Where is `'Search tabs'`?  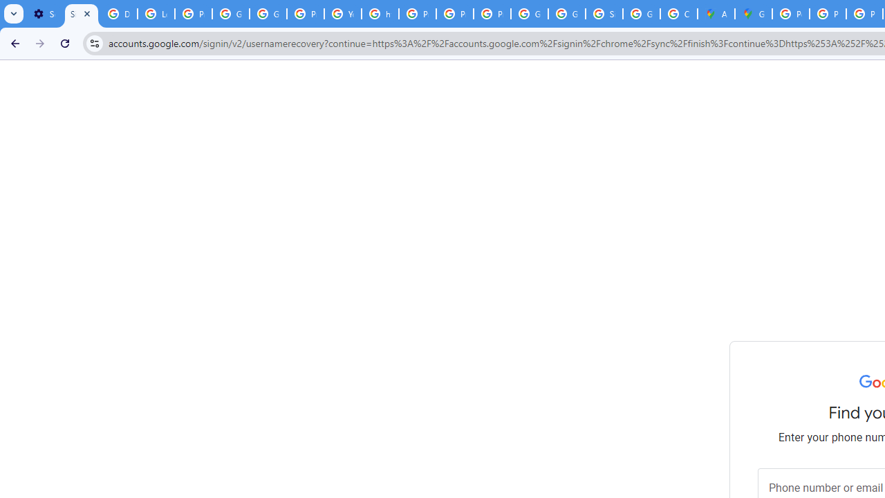 'Search tabs' is located at coordinates (14, 14).